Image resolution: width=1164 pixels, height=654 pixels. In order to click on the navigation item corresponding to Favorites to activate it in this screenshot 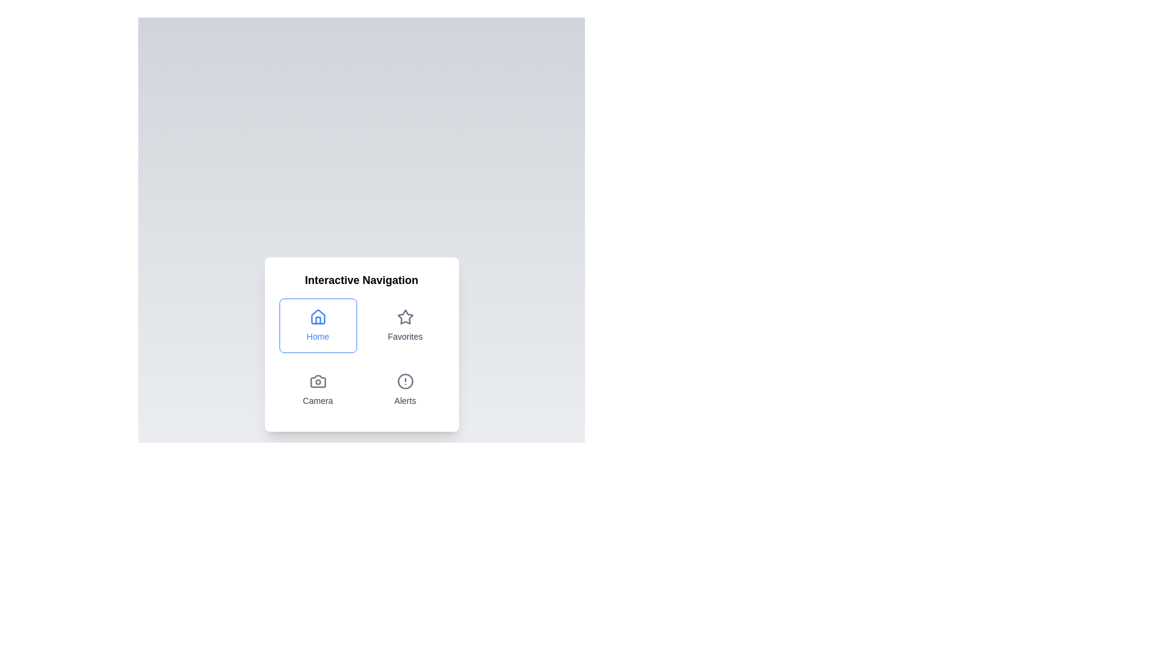, I will do `click(405, 325)`.